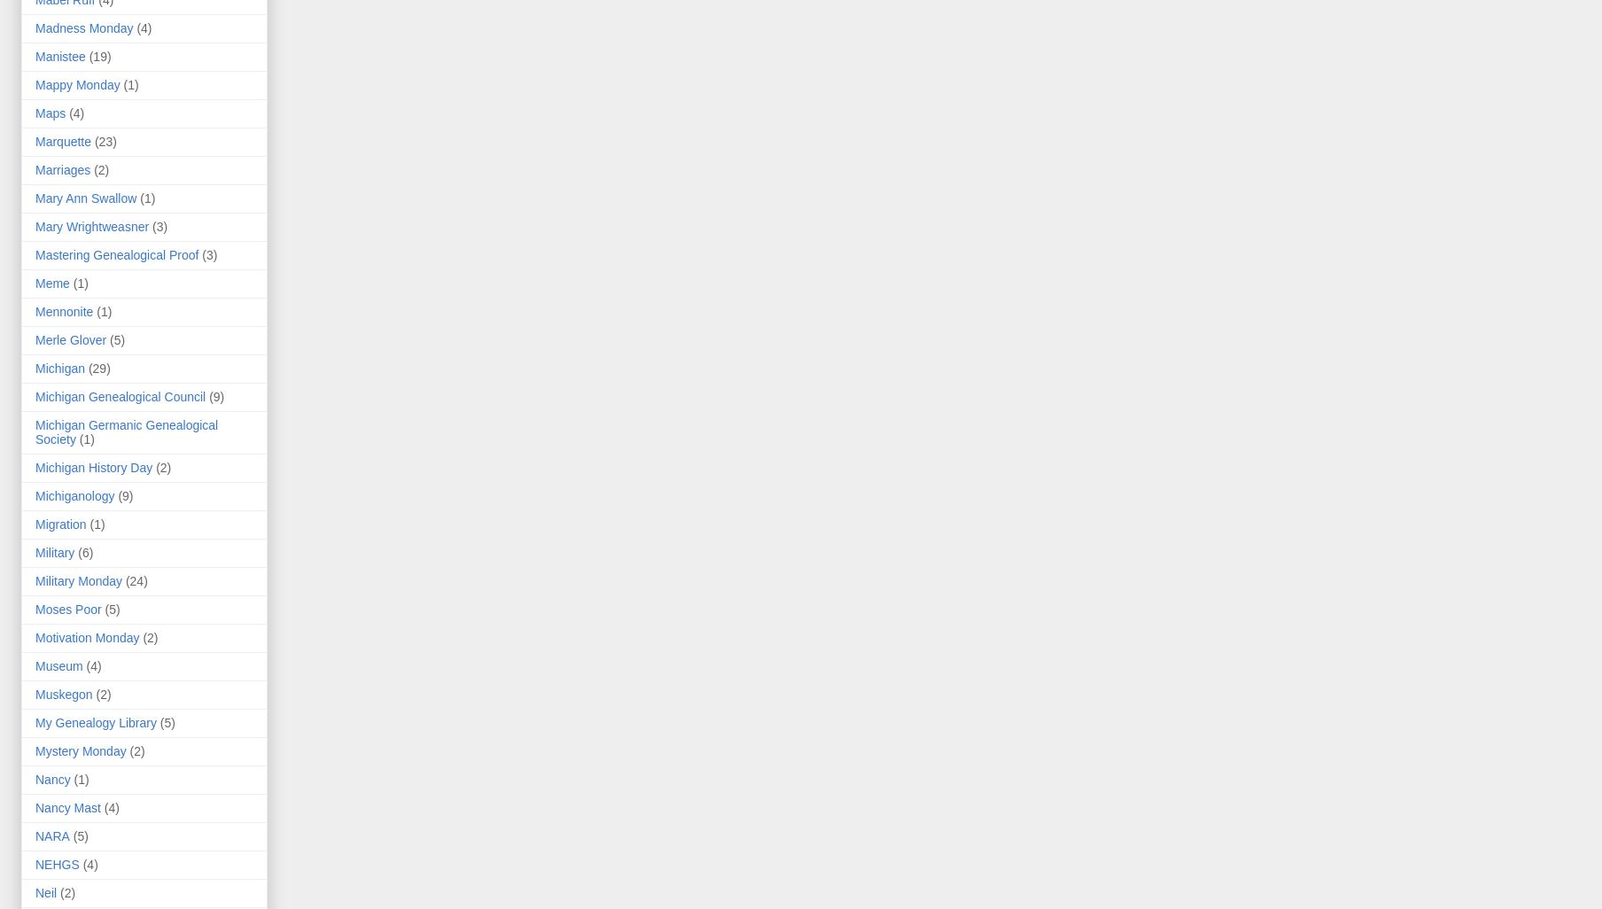  What do you see at coordinates (35, 721) in the screenshot?
I see `'My Genealogy Library'` at bounding box center [35, 721].